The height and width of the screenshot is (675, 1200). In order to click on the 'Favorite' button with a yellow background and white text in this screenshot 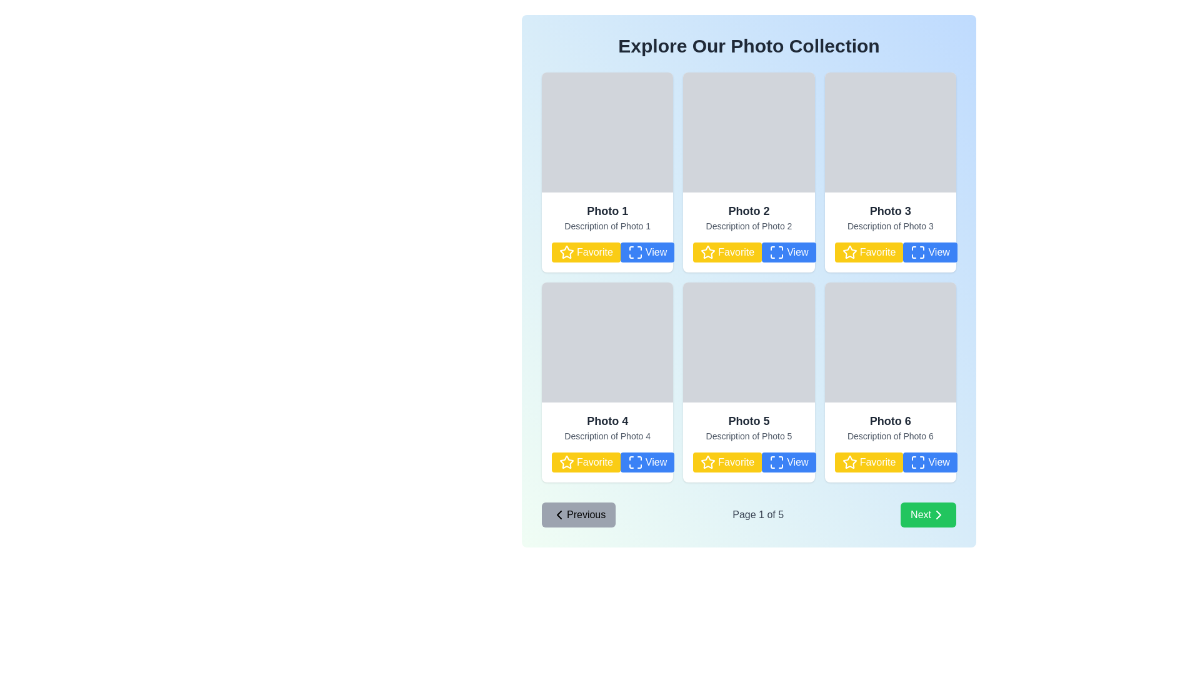, I will do `click(585, 252)`.